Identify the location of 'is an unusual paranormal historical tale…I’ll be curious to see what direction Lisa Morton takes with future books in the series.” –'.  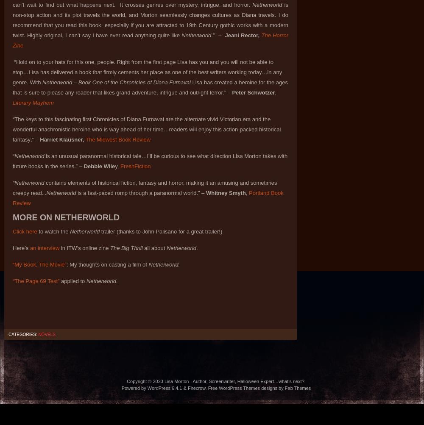
(150, 161).